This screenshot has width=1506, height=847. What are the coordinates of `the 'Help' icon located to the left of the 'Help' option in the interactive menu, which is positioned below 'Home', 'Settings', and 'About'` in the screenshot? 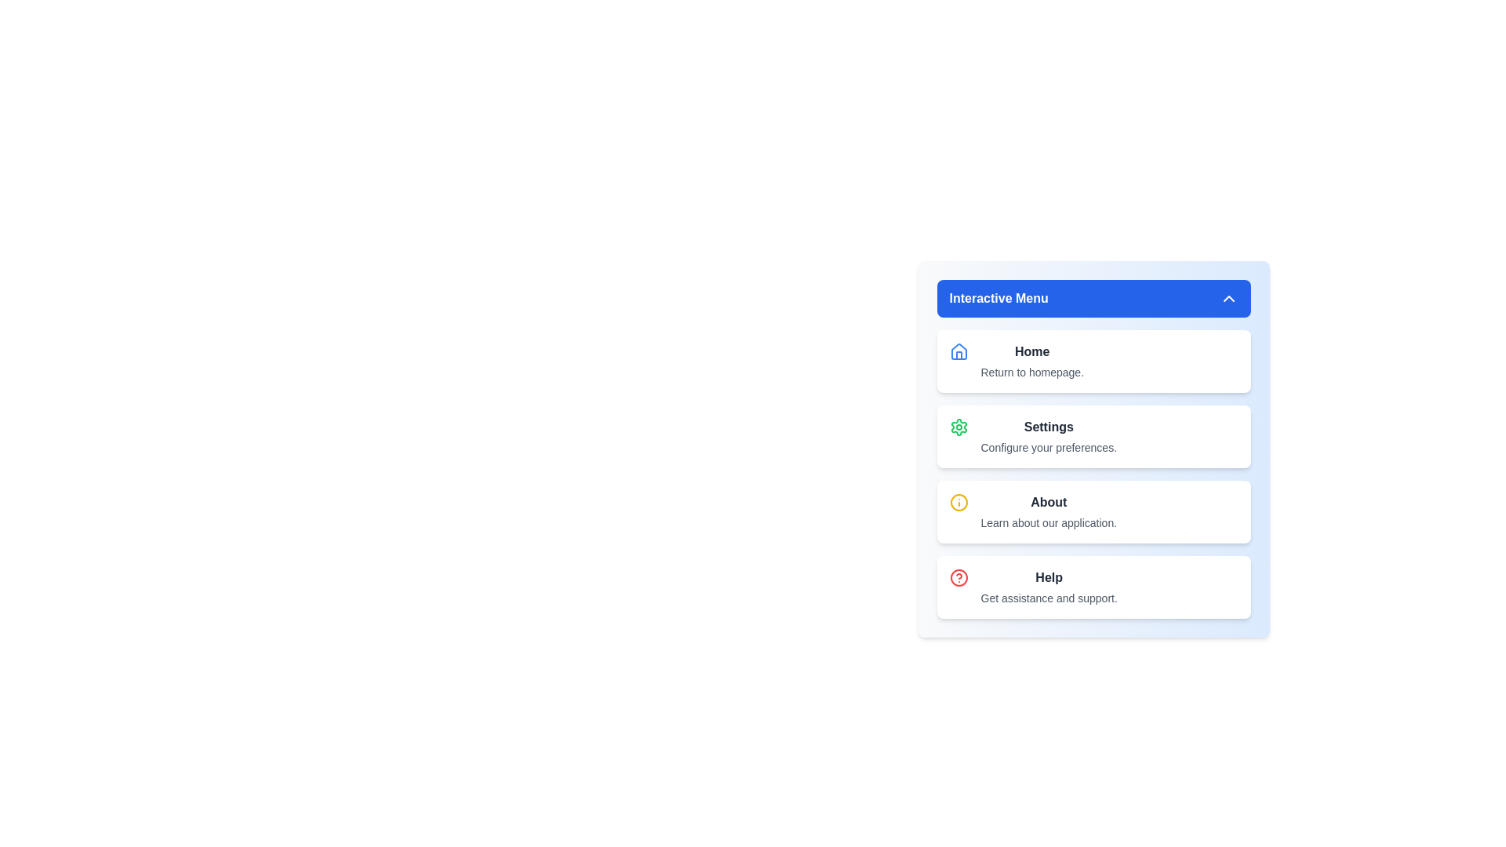 It's located at (958, 577).